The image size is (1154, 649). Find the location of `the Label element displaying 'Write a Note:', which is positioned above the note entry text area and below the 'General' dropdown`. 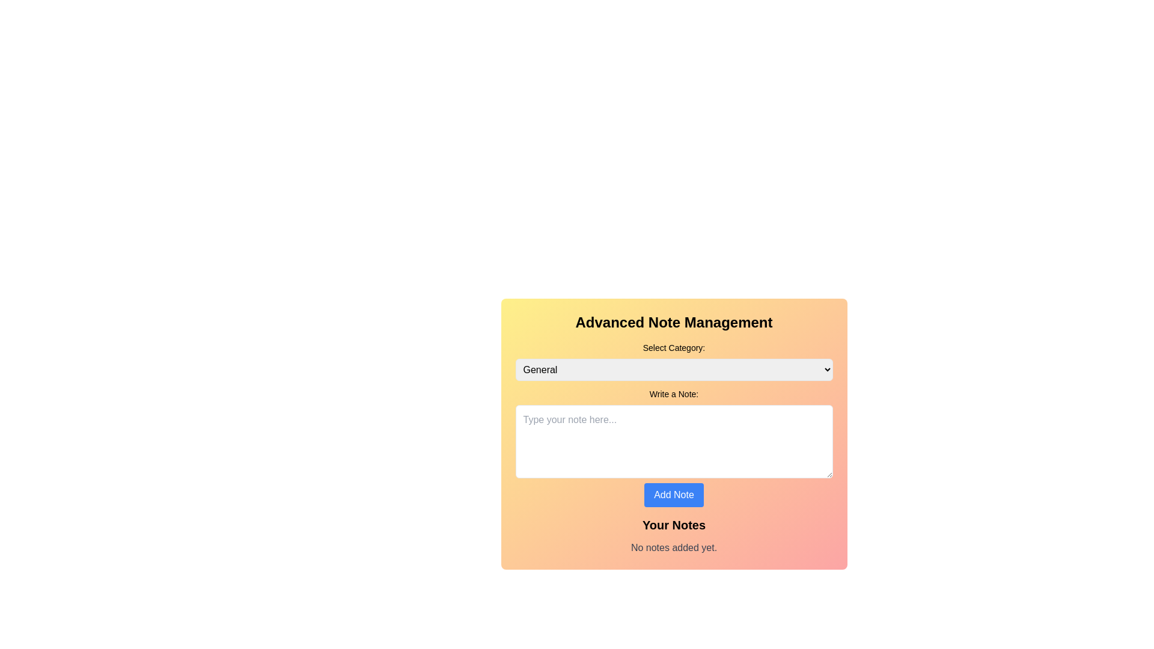

the Label element displaying 'Write a Note:', which is positioned above the note entry text area and below the 'General' dropdown is located at coordinates (674, 394).